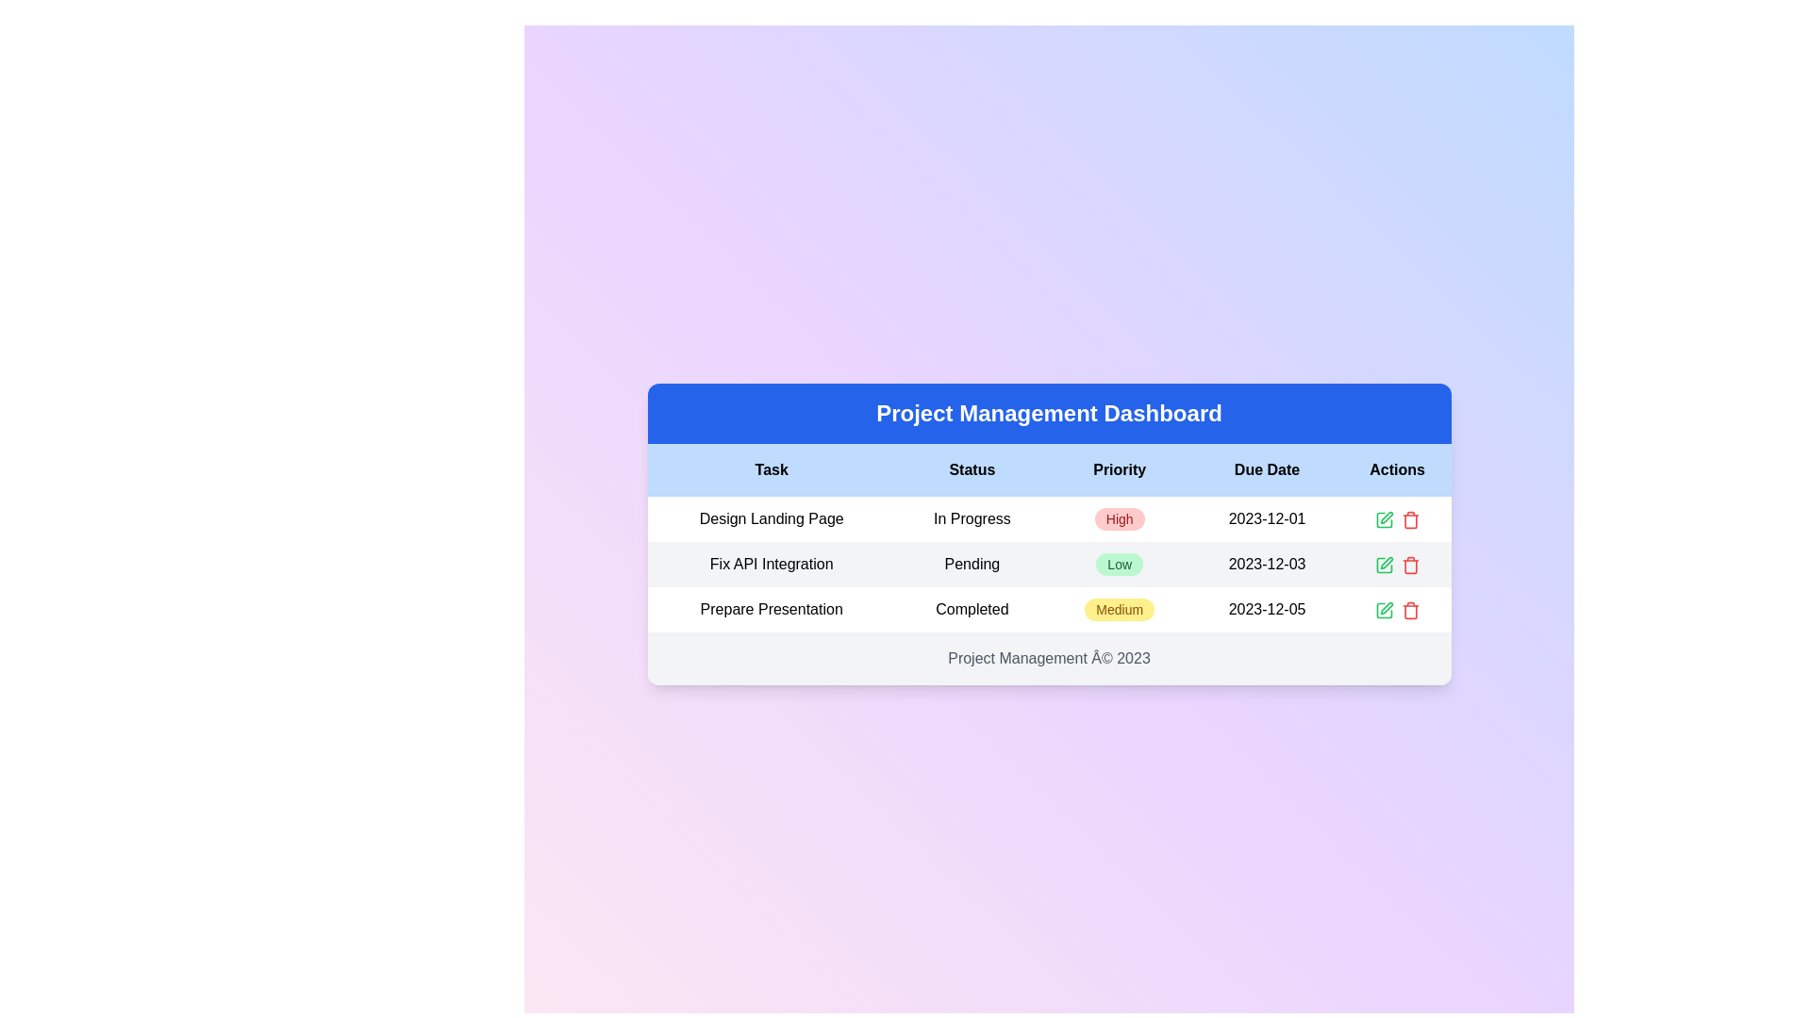 The image size is (1811, 1018). What do you see at coordinates (1384, 610) in the screenshot?
I see `the Icon button located in the 'Actions' column of the third row for editing the 'Prepare Presentation' task` at bounding box center [1384, 610].